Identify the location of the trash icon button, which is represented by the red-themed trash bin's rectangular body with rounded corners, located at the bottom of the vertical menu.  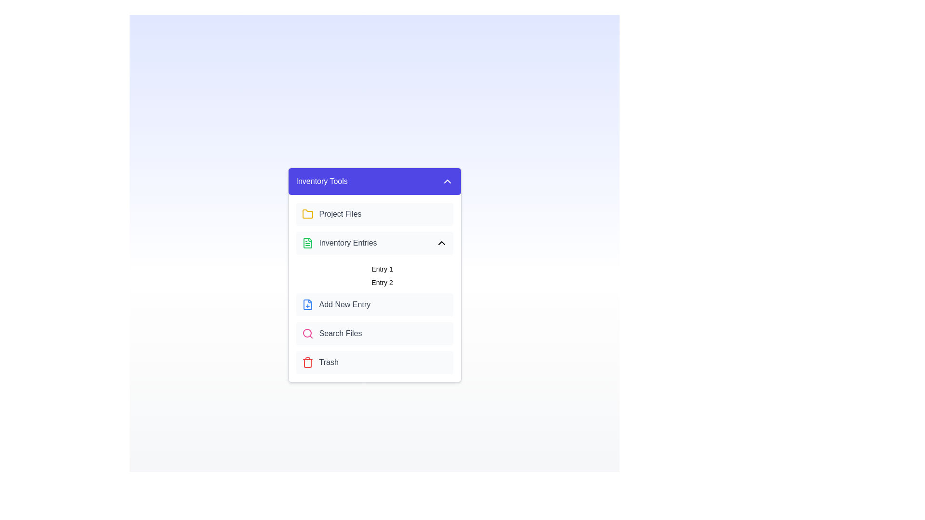
(307, 364).